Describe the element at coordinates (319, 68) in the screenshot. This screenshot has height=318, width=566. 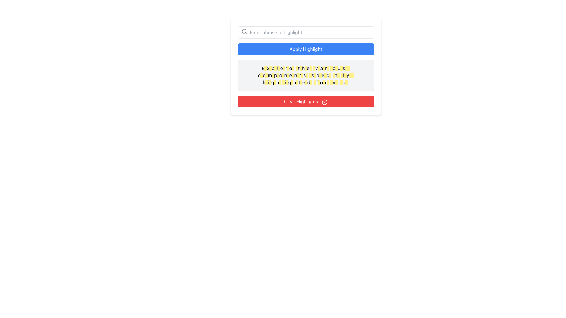
I see `the thirteenth yellow highlighted segment within the text 'Explore the various components specially highlighted for you.'` at that location.